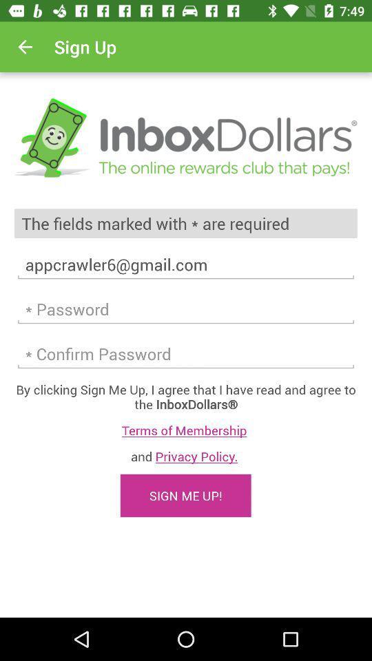 This screenshot has height=661, width=372. What do you see at coordinates (186, 223) in the screenshot?
I see `the item above appcrawler6@gmail.com item` at bounding box center [186, 223].